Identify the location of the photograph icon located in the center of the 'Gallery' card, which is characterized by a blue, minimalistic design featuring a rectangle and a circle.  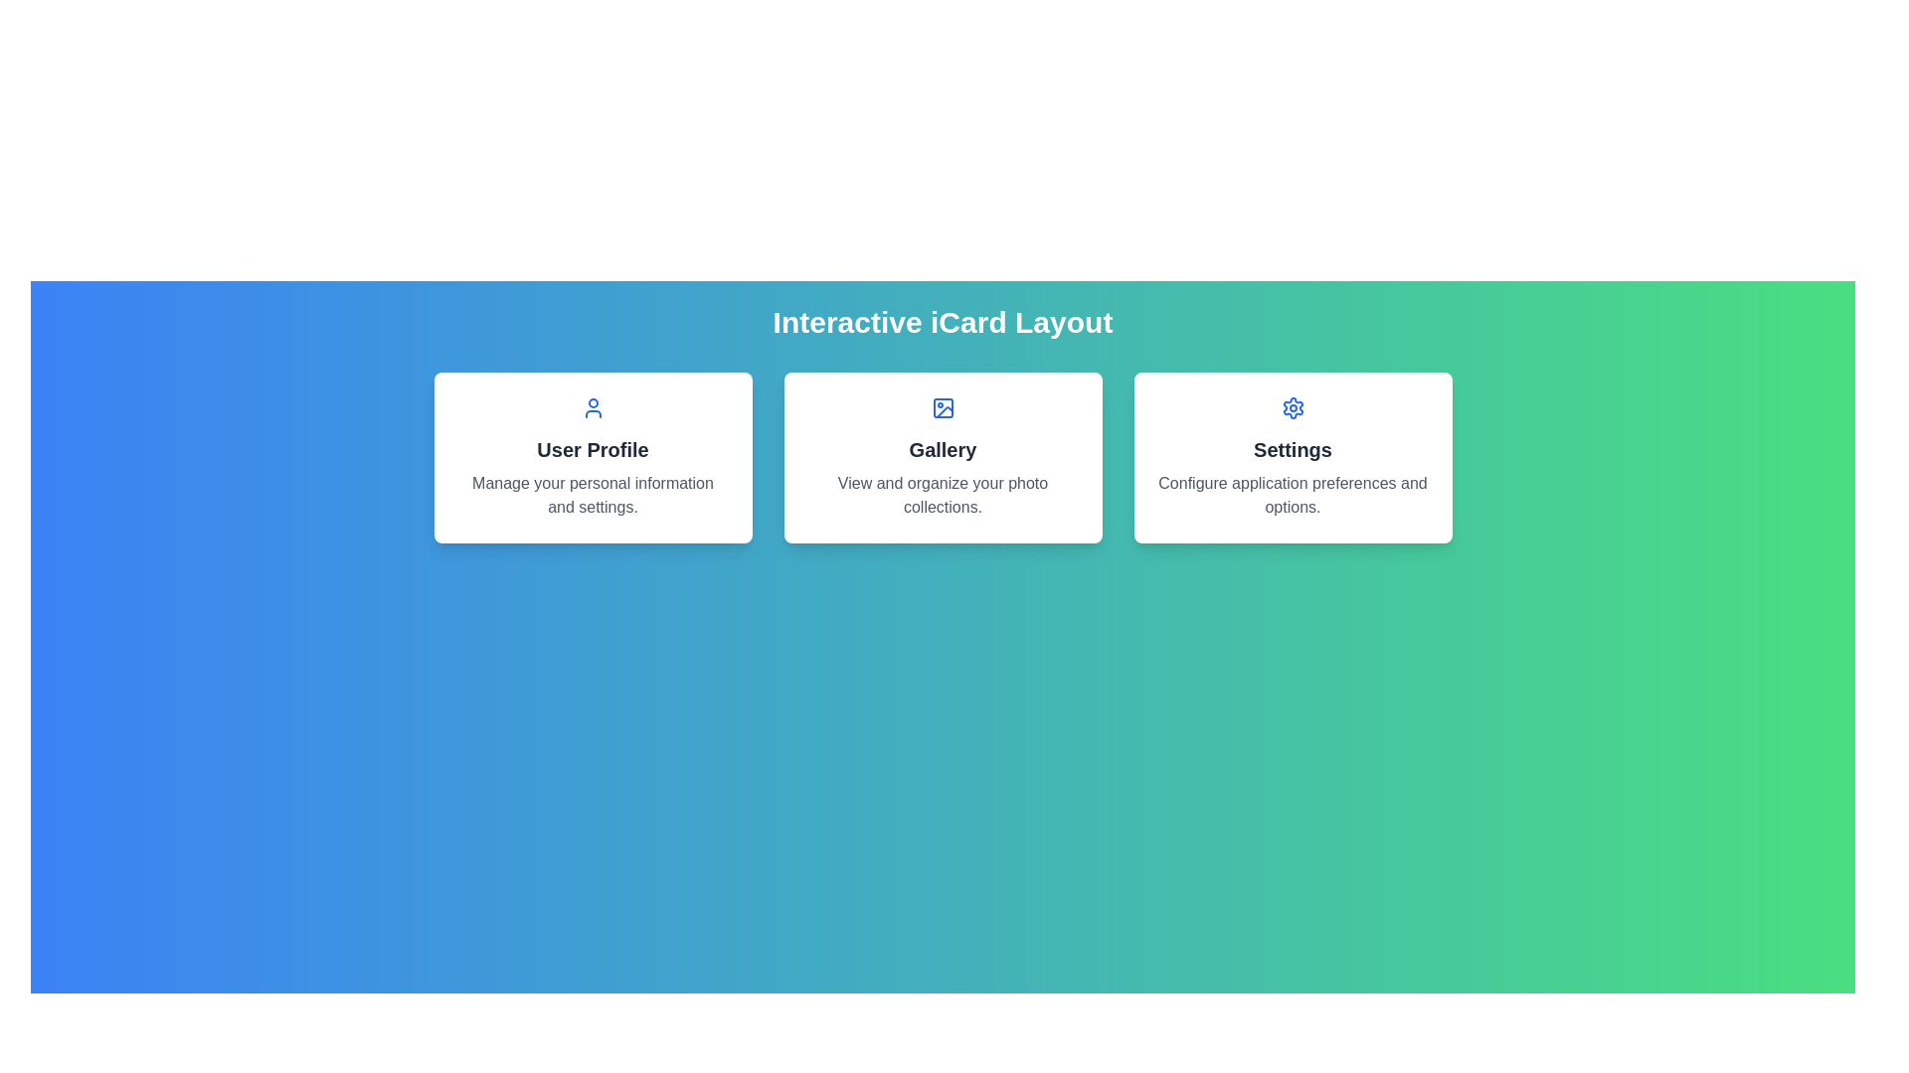
(942, 407).